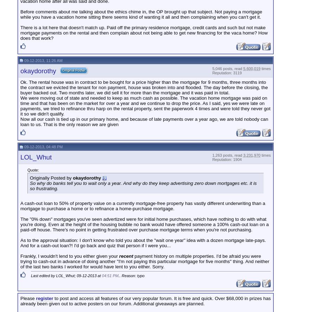 The image size is (319, 312). Describe the element at coordinates (144, 224) in the screenshot. I see `'The "0% down"  mortgages you've seen advertized were for initial home purchases, which  have nothing to do with what you're doing.  Even at the height of the housing bubble no bank would have offered someone a 100% cash-out loan on a paid-off house.  There's no point in getting frustrated over purchase mortgage terms when you're not purchasing.'` at that location.